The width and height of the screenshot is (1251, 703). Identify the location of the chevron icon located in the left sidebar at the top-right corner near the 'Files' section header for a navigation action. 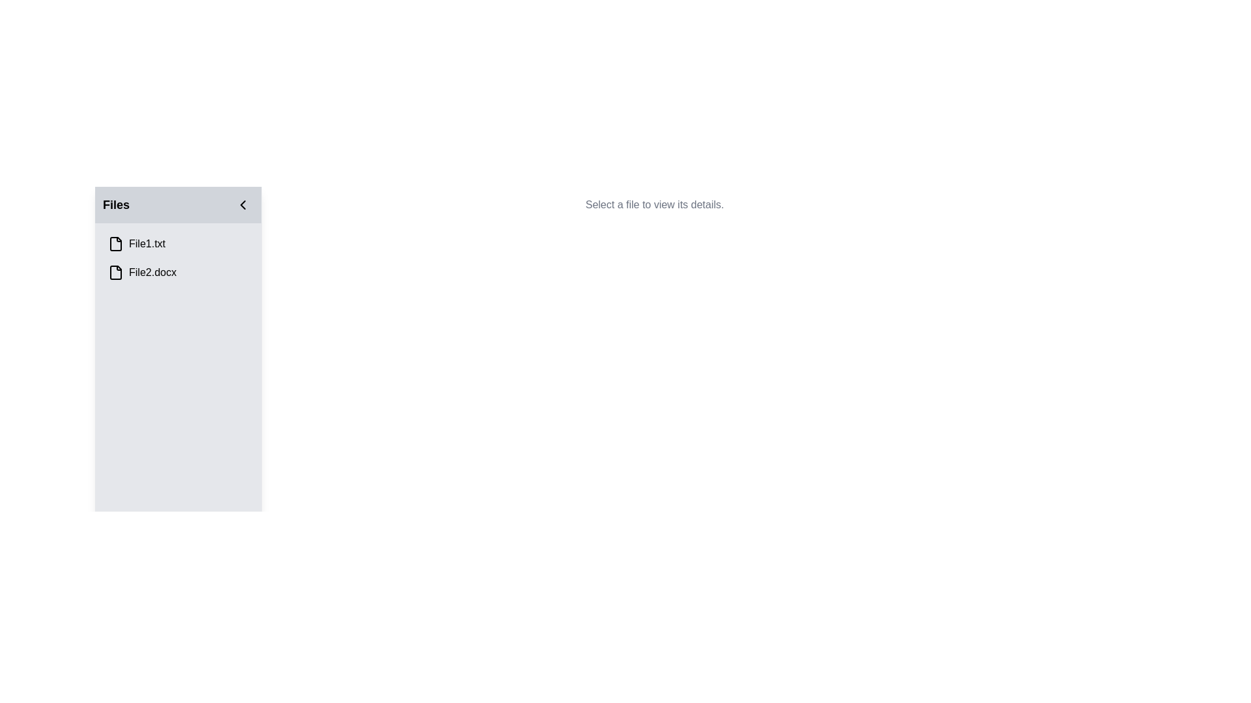
(243, 205).